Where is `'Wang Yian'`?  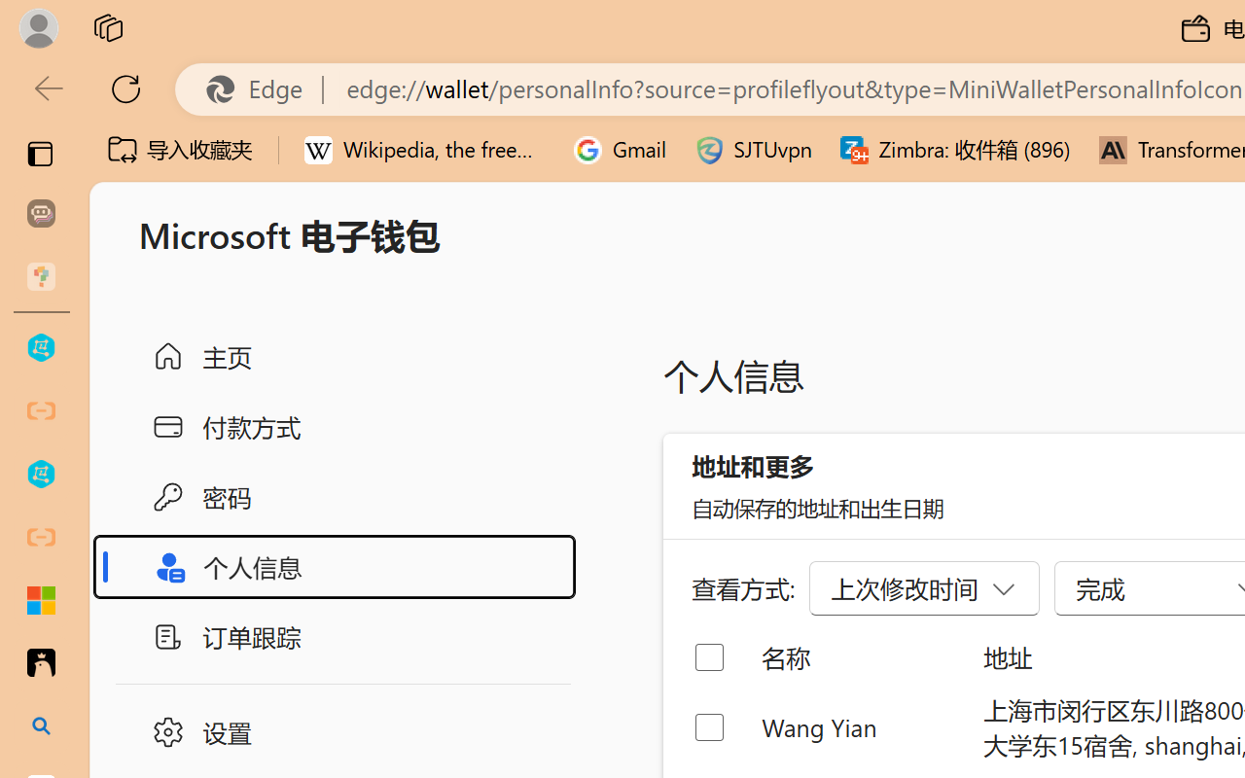
'Wang Yian' is located at coordinates (856, 726).